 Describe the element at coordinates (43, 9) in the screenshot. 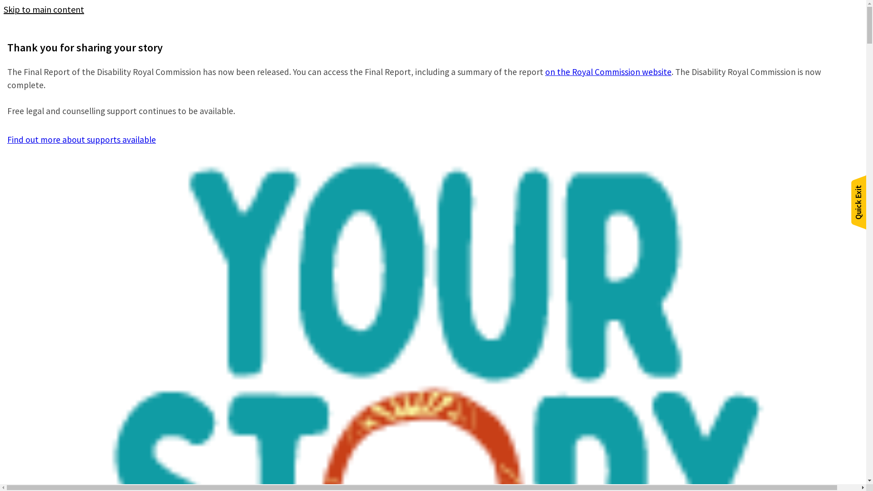

I see `'Skip to main content'` at that location.